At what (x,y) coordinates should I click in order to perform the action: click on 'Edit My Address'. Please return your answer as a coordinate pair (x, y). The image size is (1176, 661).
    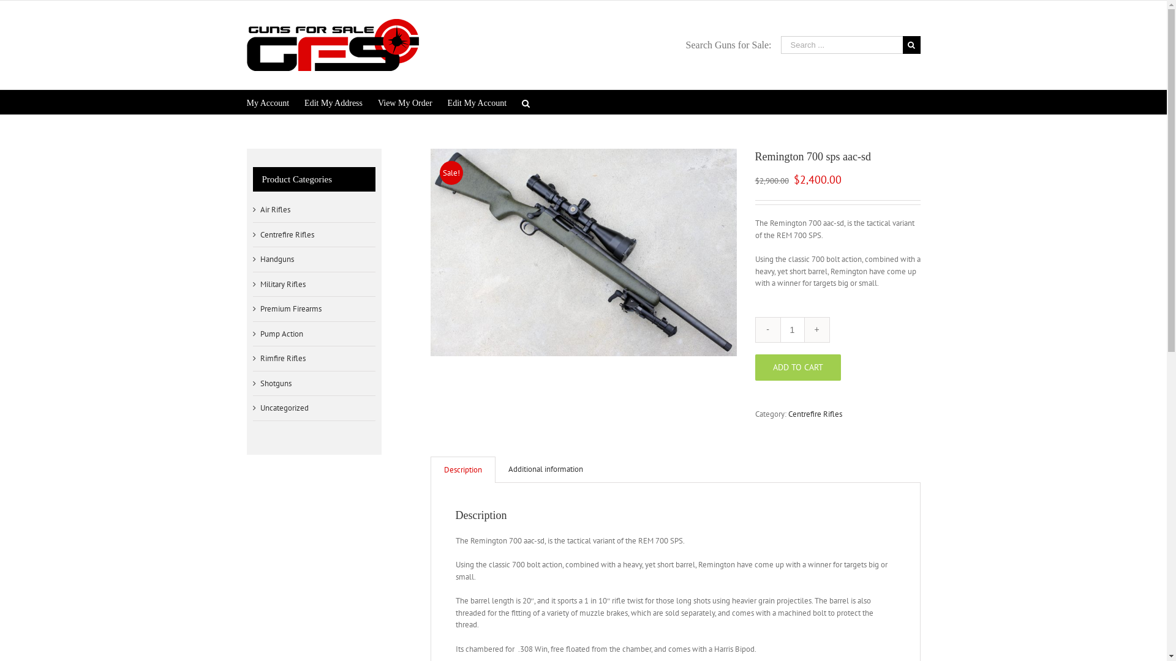
    Looking at the image, I should click on (333, 101).